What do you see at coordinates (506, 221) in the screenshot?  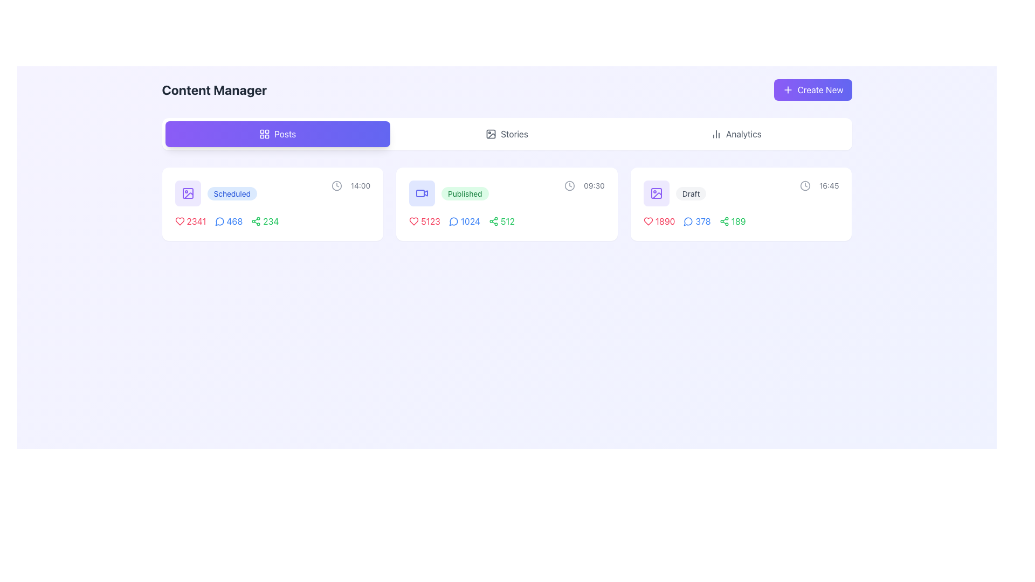 I see `the green icon of a sharing arrow followed by the bold number '512' in the interaction statistics under the 'Published' panel, located at the rightmost position of the second post panel` at bounding box center [506, 221].